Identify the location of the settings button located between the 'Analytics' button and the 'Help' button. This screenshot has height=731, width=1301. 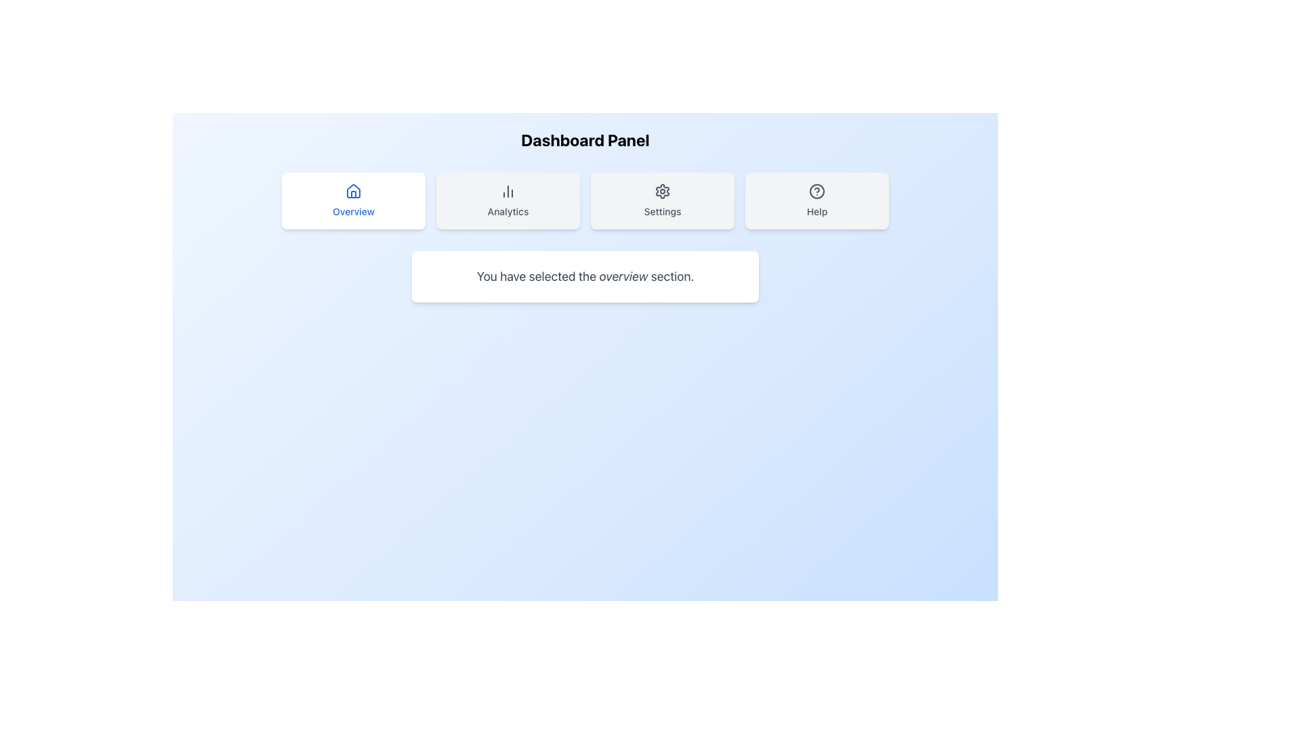
(663, 201).